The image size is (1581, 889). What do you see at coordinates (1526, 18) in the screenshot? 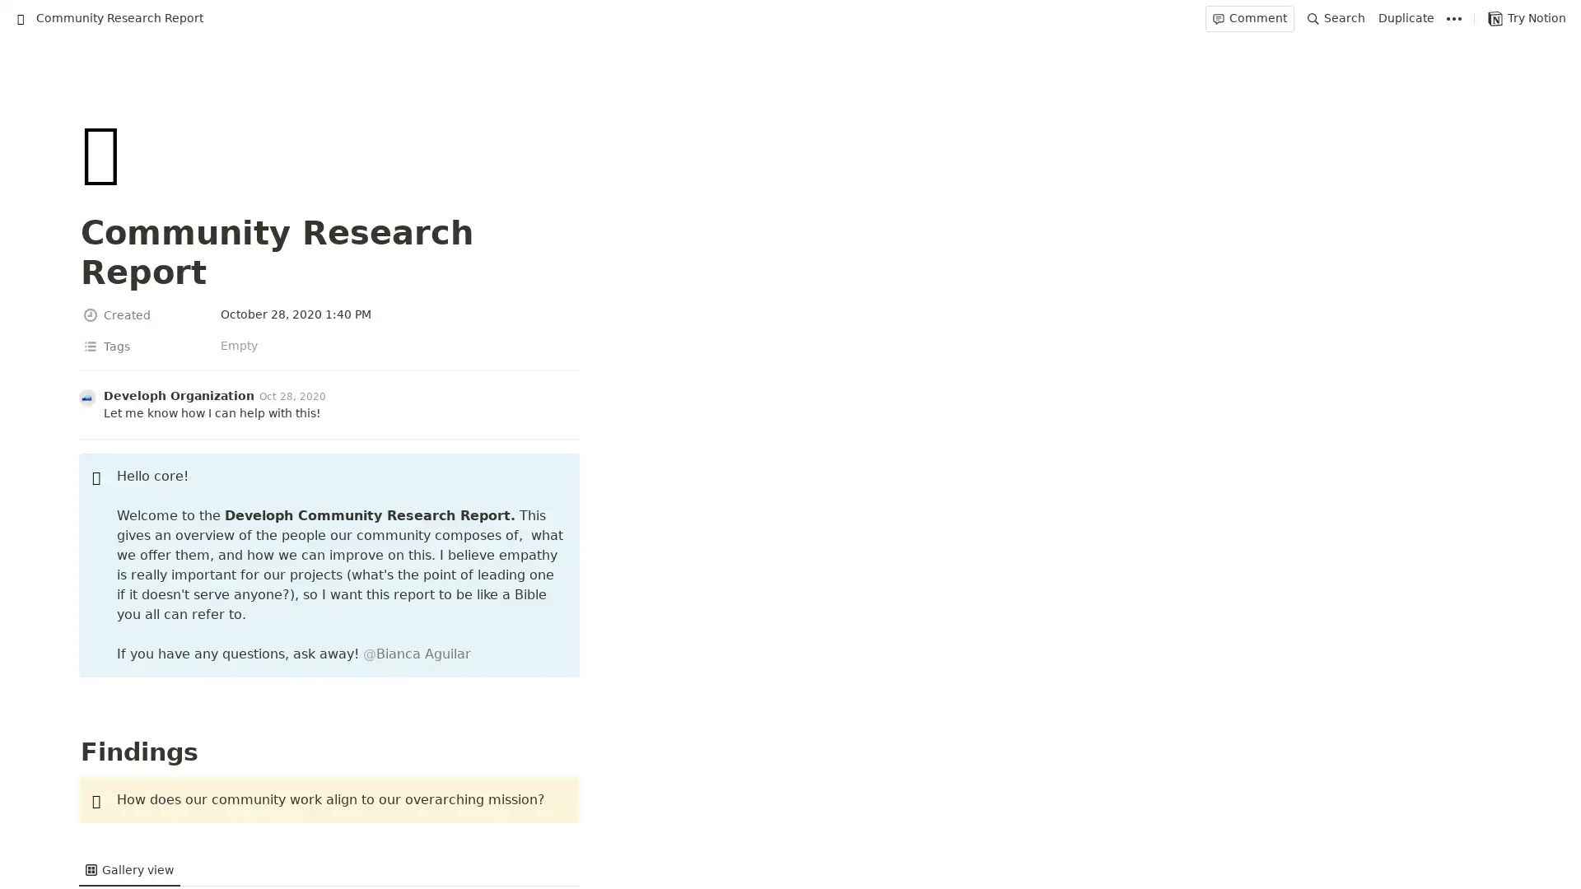
I see `Try Notion` at bounding box center [1526, 18].